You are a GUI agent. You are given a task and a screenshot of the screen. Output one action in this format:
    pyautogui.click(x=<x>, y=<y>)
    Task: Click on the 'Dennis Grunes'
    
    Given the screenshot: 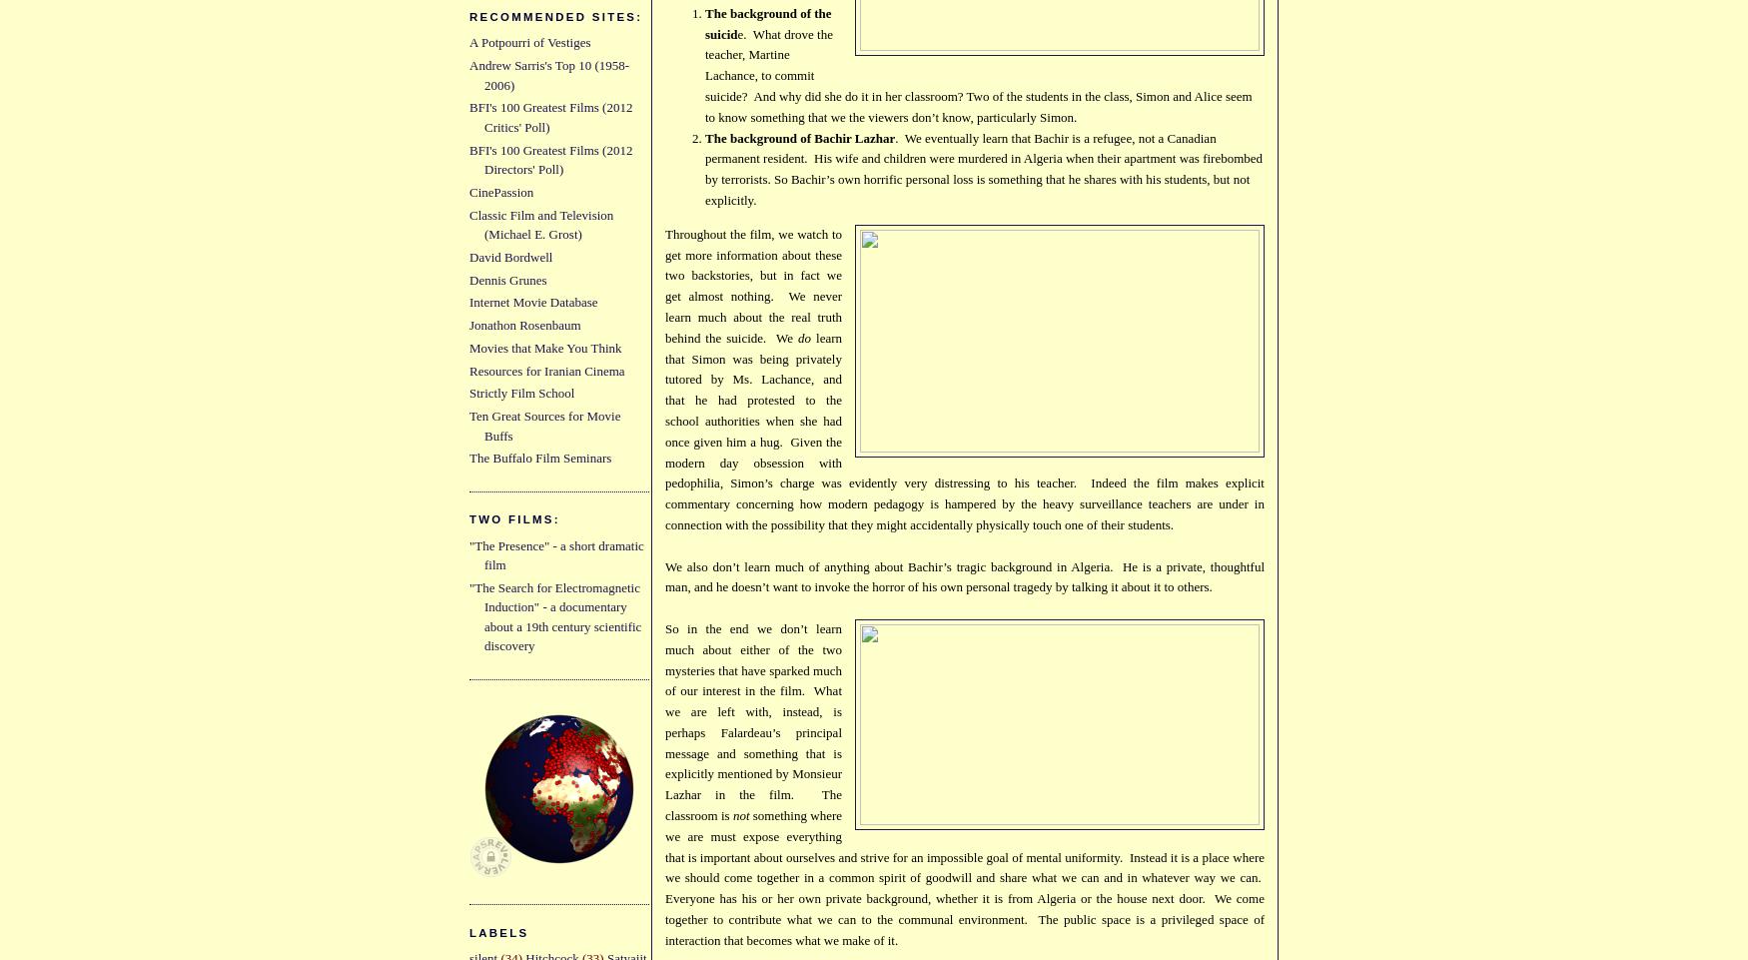 What is the action you would take?
    pyautogui.click(x=506, y=279)
    